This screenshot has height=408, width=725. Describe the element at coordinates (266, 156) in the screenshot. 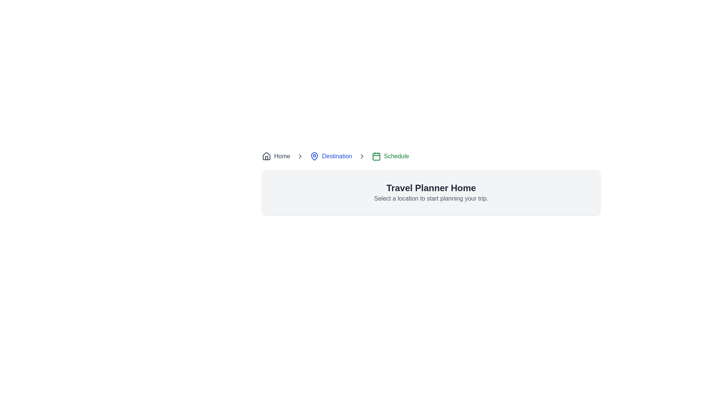

I see `the home icon, which is a minimalistic house icon located in the breadcrumb navigation bar at the top-left area of the interface` at that location.